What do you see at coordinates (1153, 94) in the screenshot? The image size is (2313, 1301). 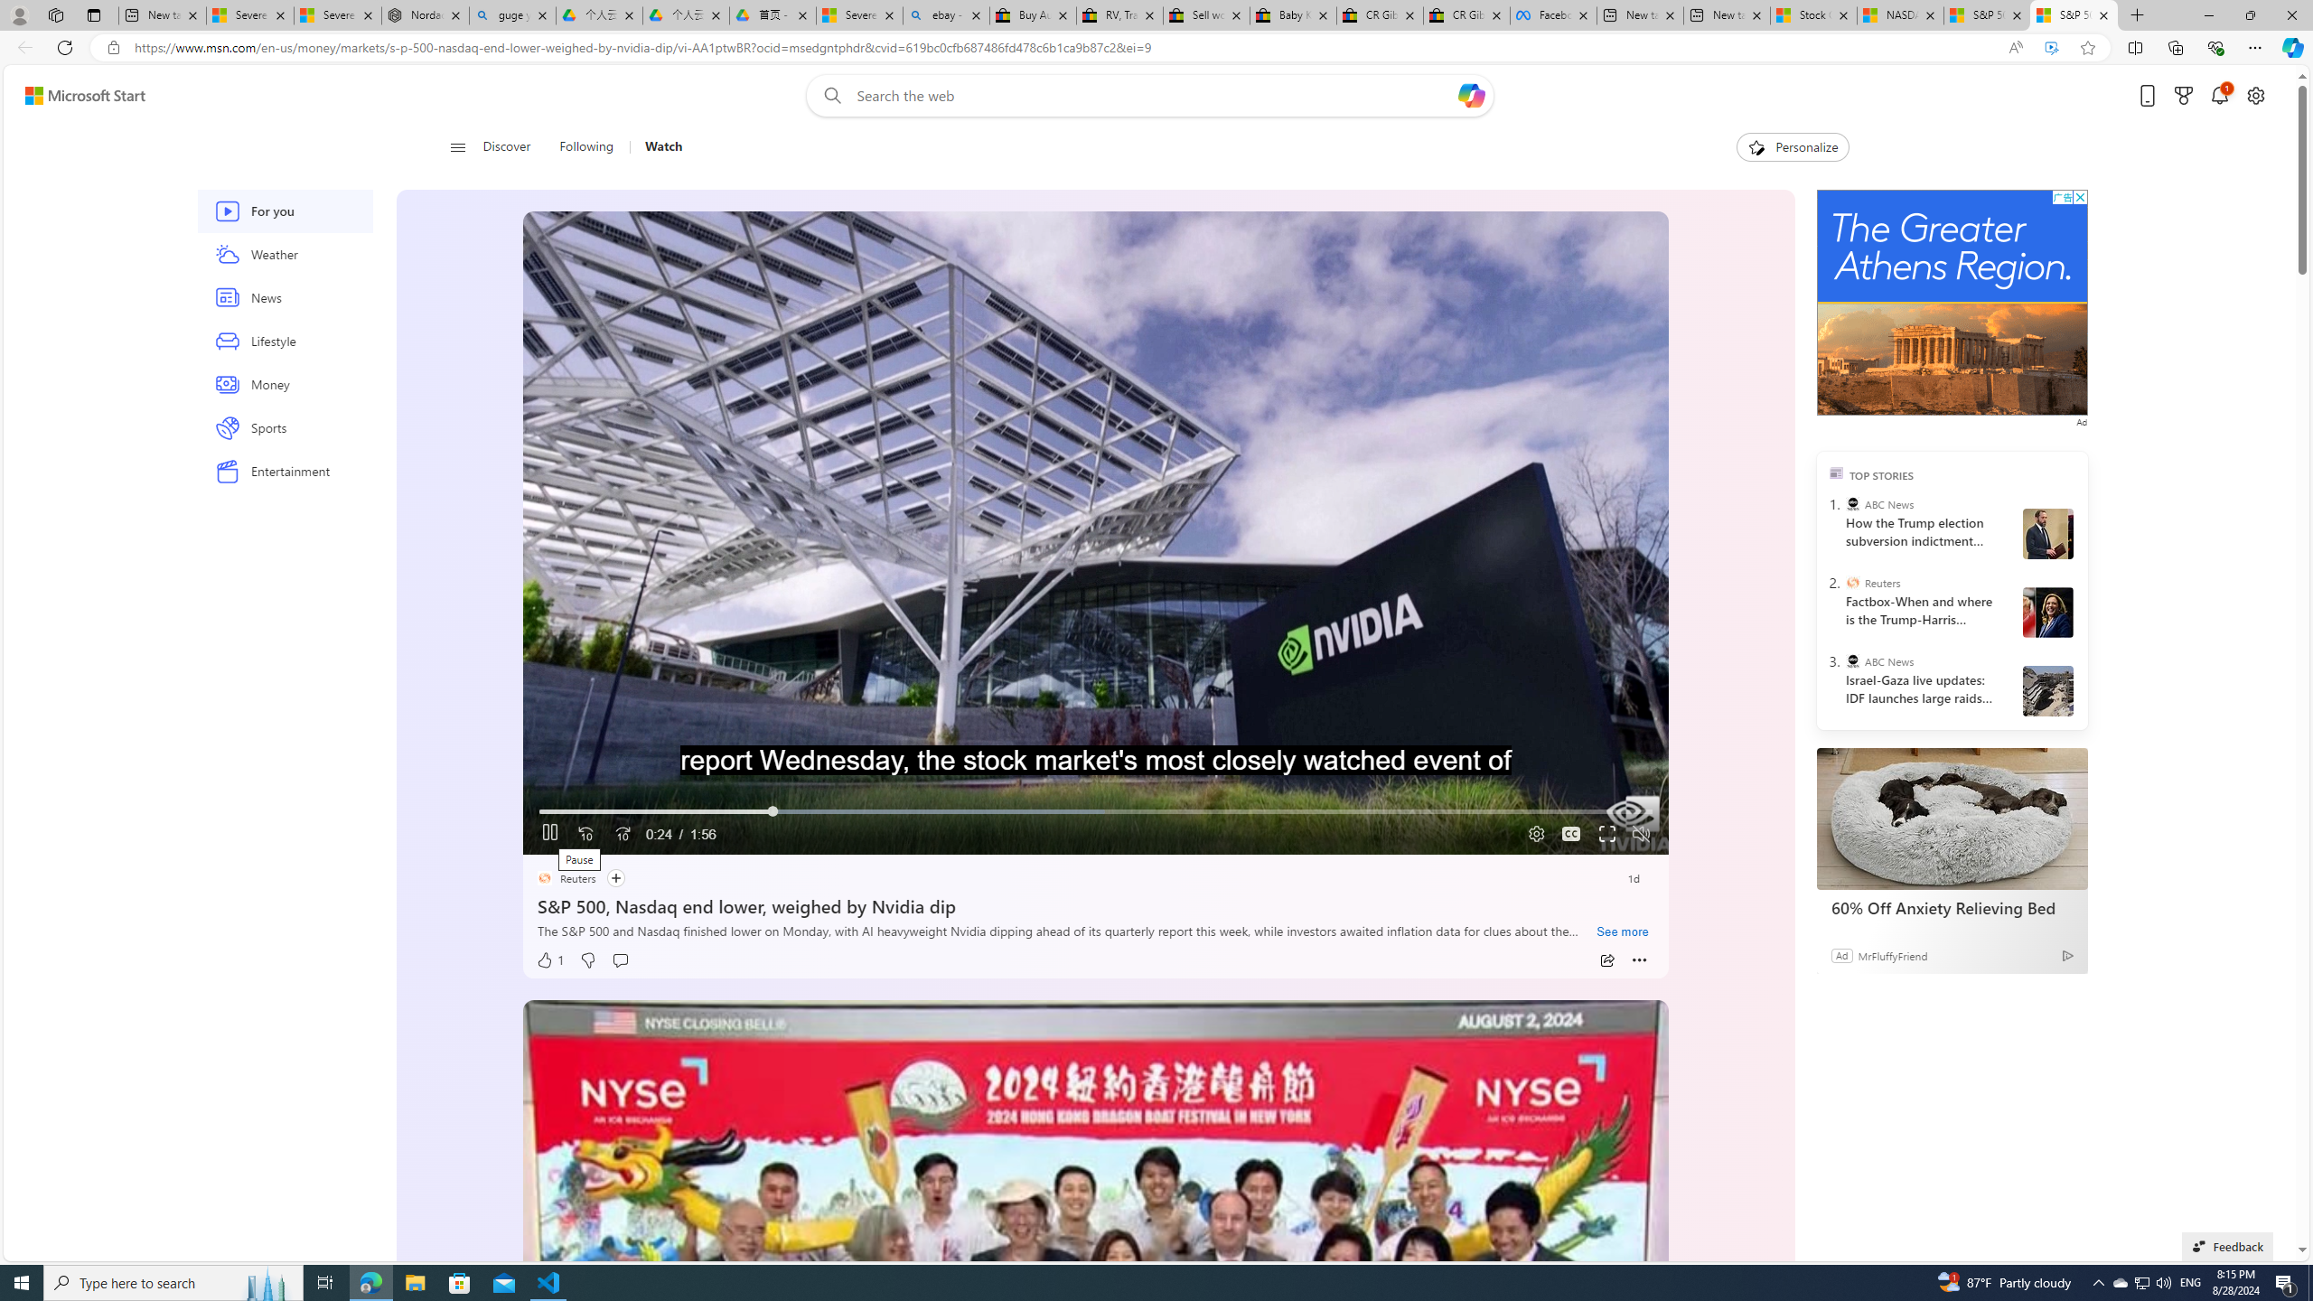 I see `'Enter your search term'` at bounding box center [1153, 94].